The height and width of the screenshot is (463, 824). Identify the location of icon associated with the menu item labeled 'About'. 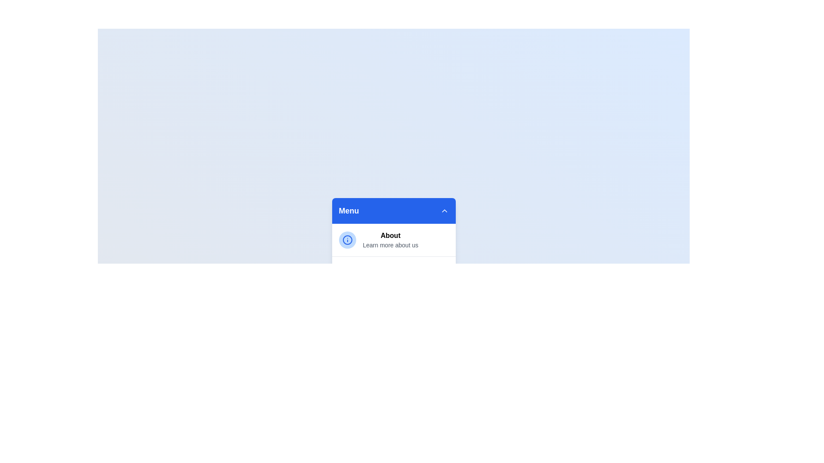
(347, 240).